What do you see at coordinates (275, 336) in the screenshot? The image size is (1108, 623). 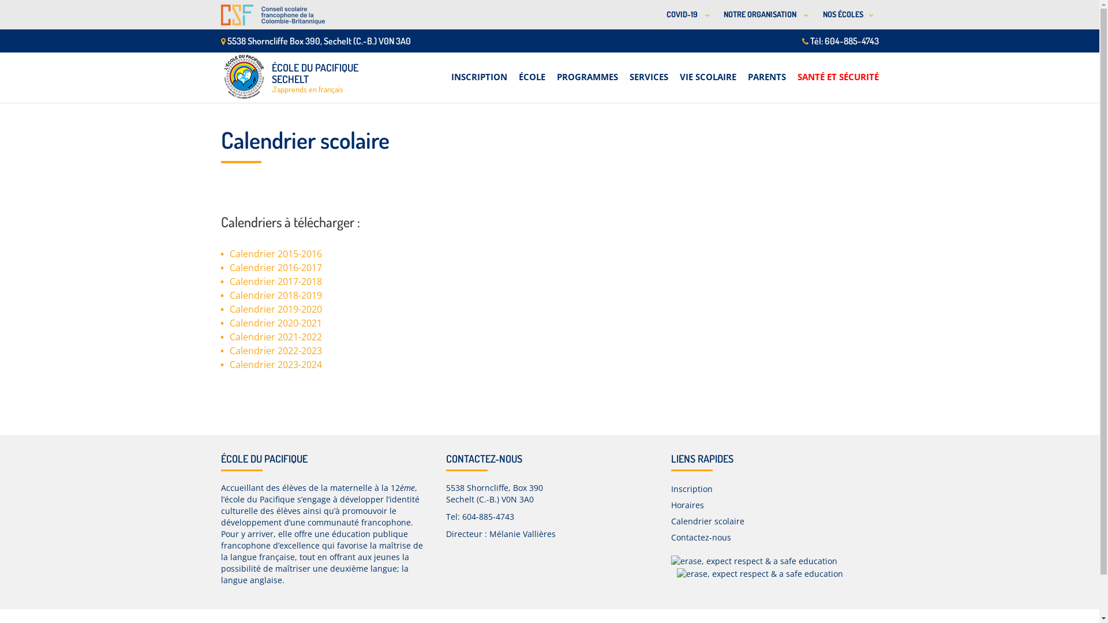 I see `'Calendrier 2021-2022'` at bounding box center [275, 336].